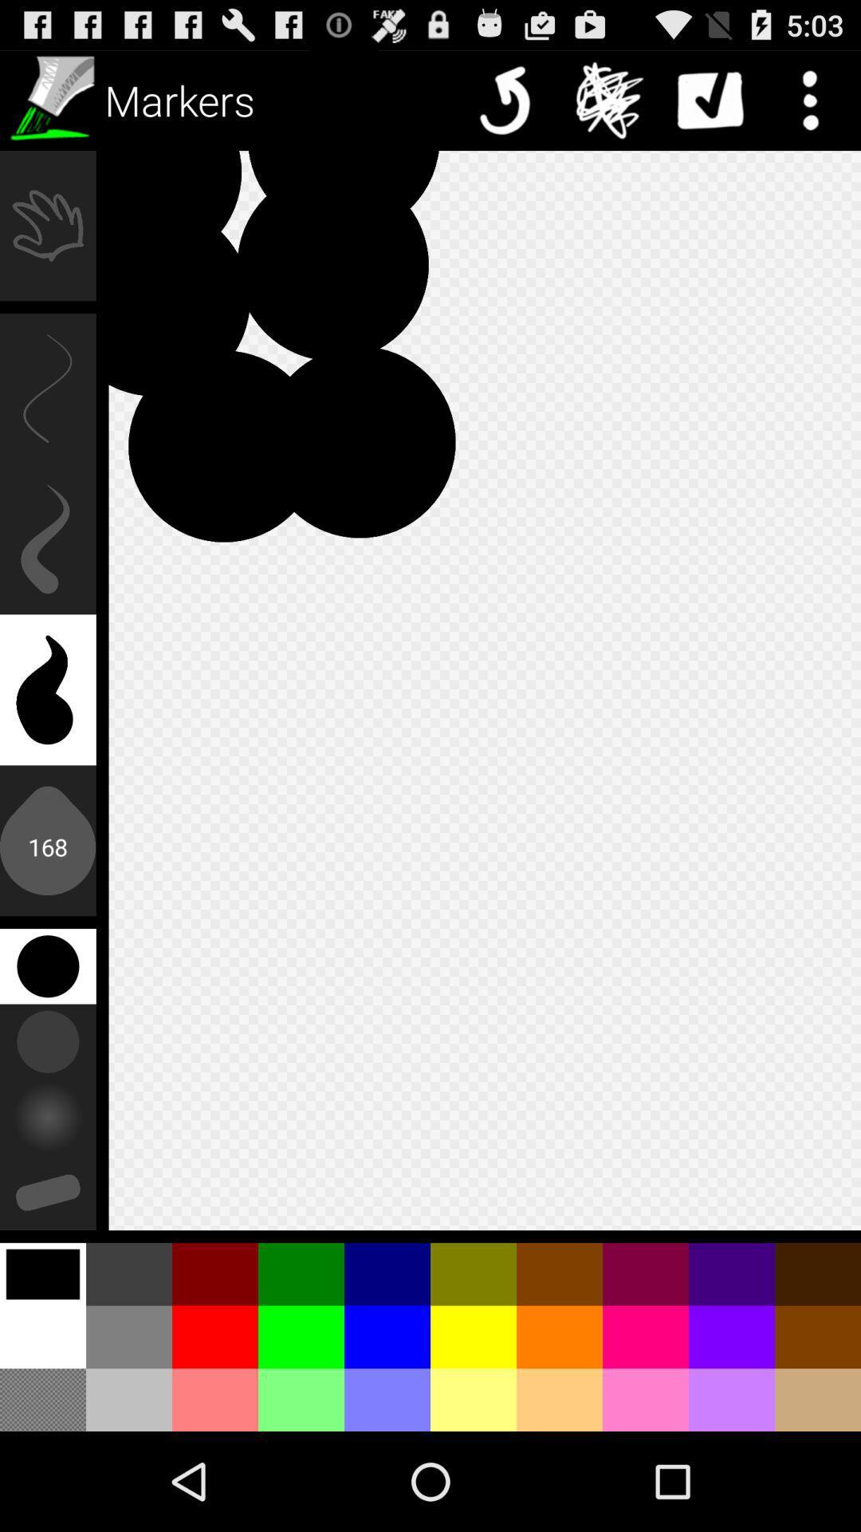 The height and width of the screenshot is (1532, 861). What do you see at coordinates (215, 1337) in the screenshot?
I see `the 3rd color from the left in the 2nd row at the bottom of the page` at bounding box center [215, 1337].